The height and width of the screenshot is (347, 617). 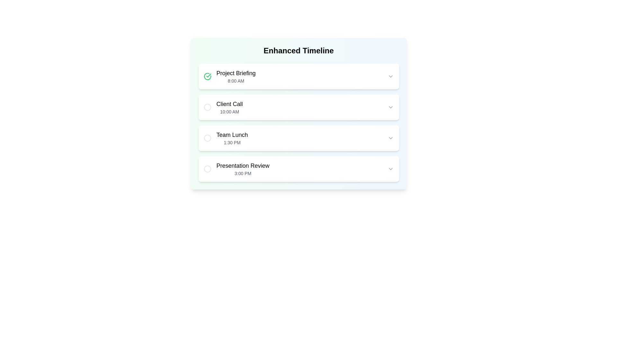 I want to click on the 'Client Call' event list item, so click(x=298, y=107).